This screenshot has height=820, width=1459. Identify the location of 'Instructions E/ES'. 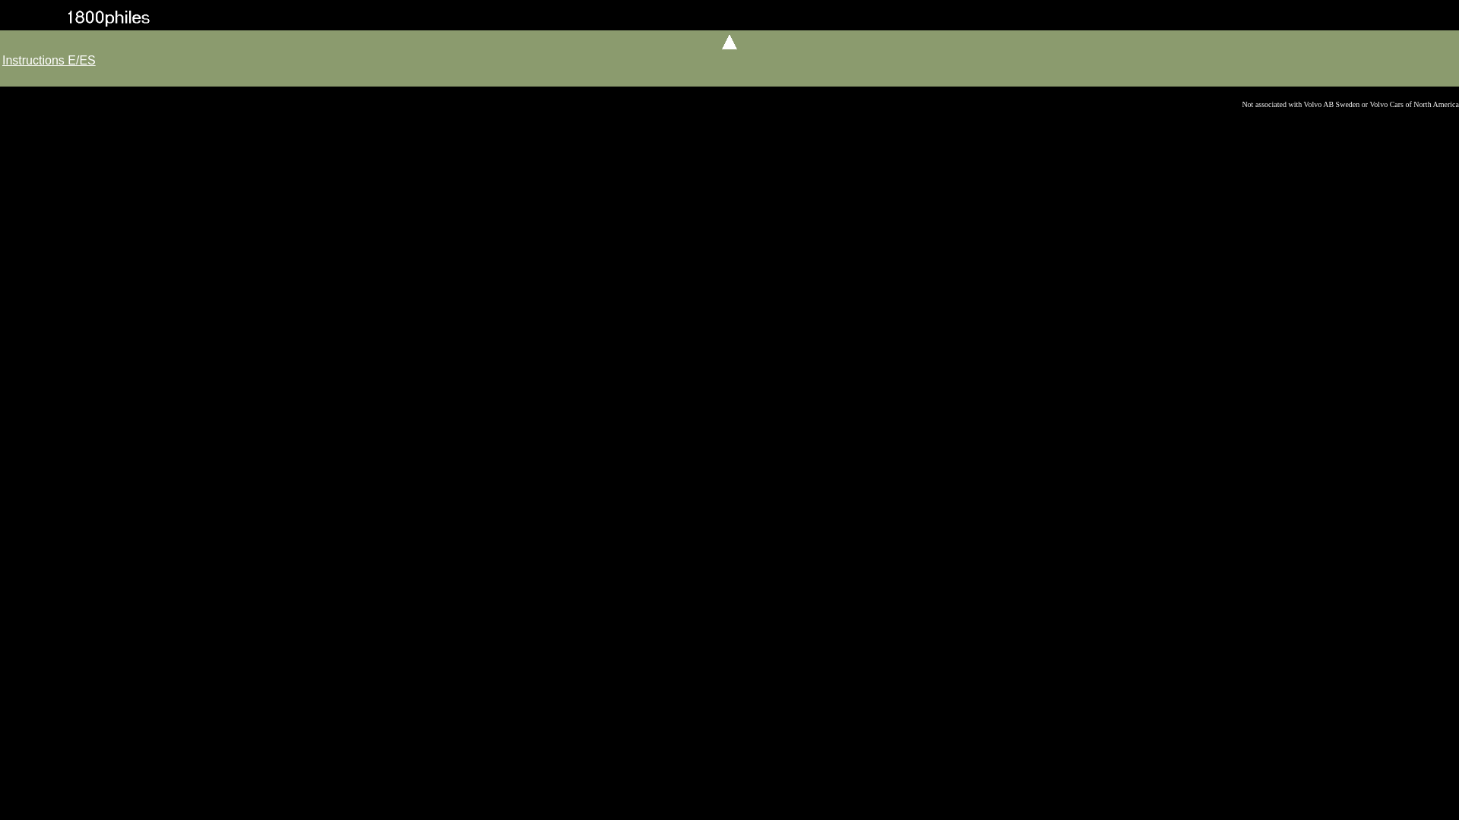
(2, 59).